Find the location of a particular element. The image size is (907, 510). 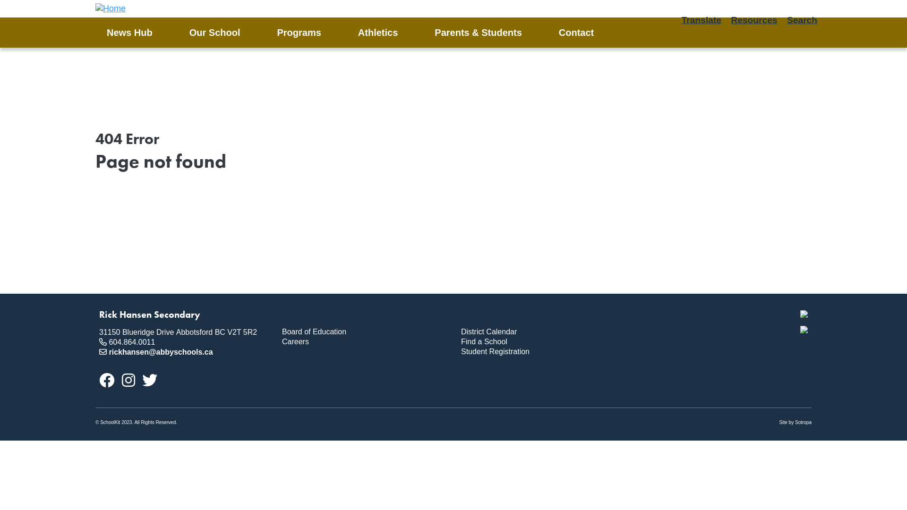

'604.864.0011' is located at coordinates (131, 342).